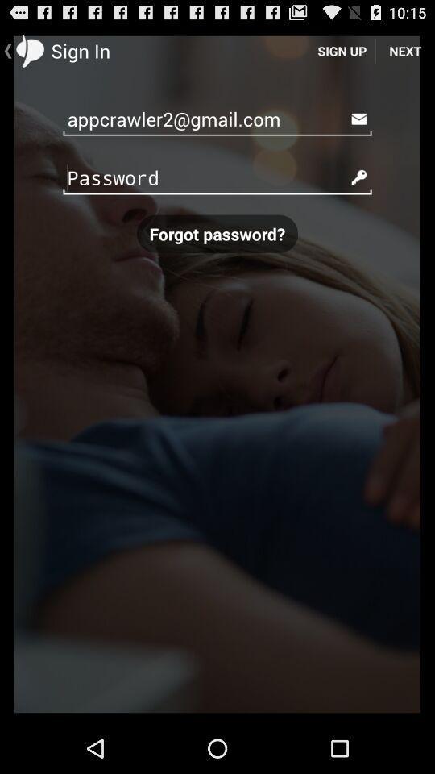 This screenshot has height=774, width=435. I want to click on item above appcrawler2@gmail.com, so click(404, 50).